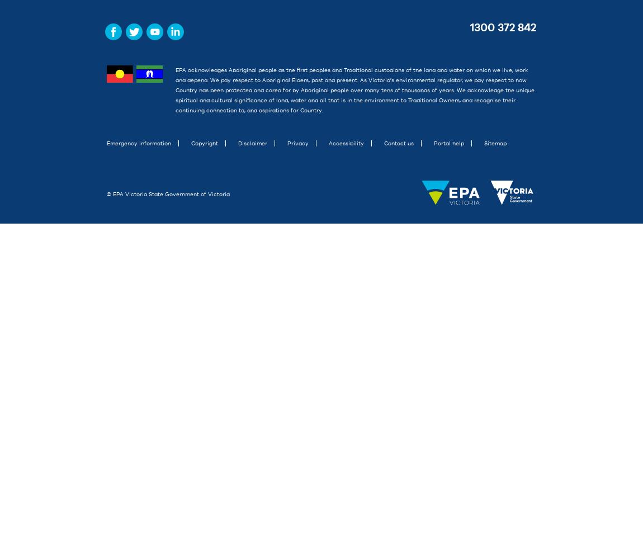 The width and height of the screenshot is (643, 559). Describe the element at coordinates (287, 143) in the screenshot. I see `'Privacy'` at that location.